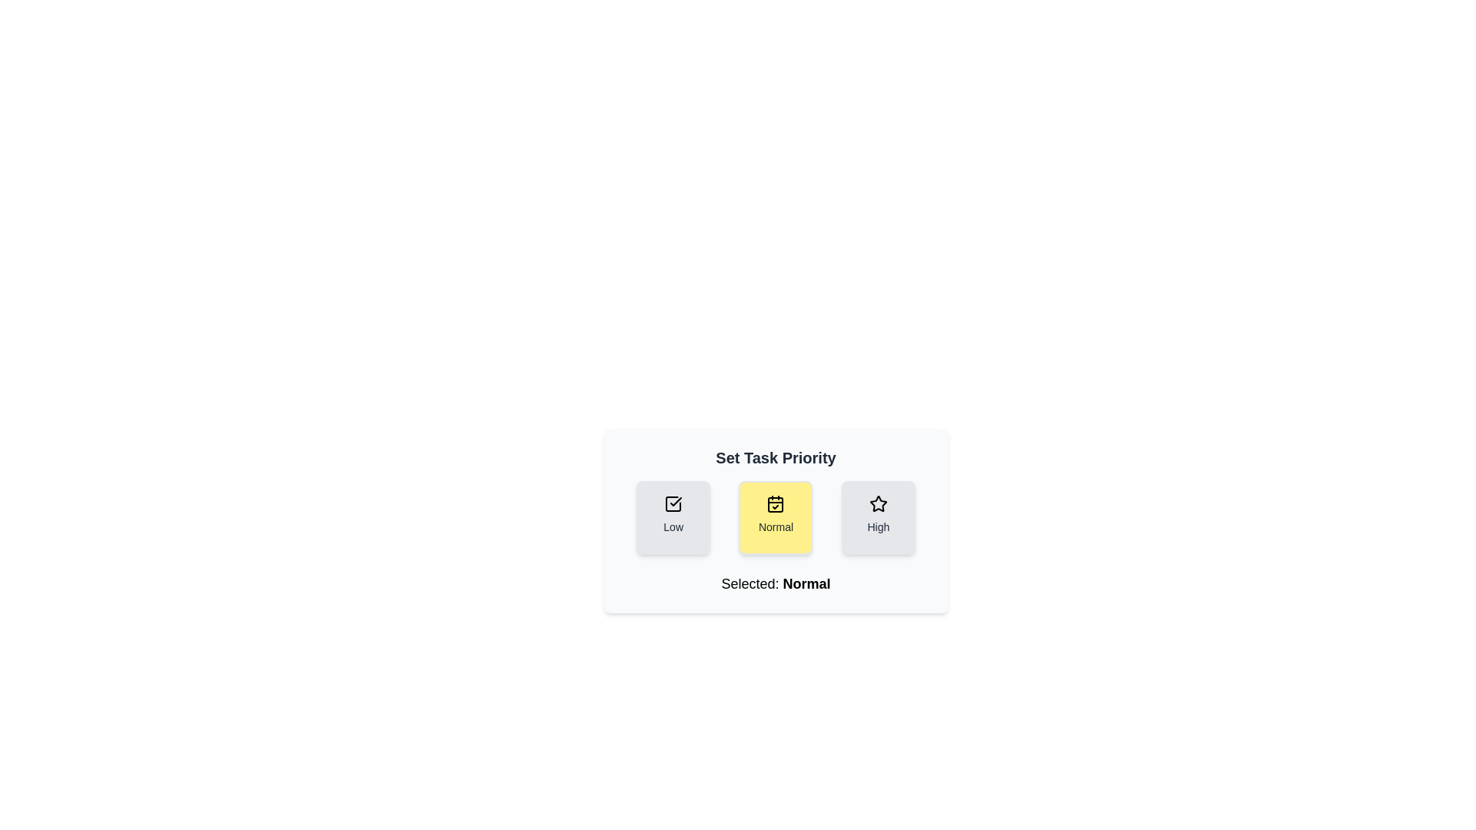 Image resolution: width=1476 pixels, height=830 pixels. I want to click on the priority button labeled Normal, so click(776, 518).